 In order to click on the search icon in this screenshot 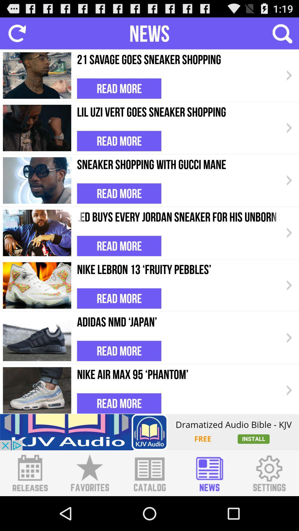, I will do `click(282, 35)`.